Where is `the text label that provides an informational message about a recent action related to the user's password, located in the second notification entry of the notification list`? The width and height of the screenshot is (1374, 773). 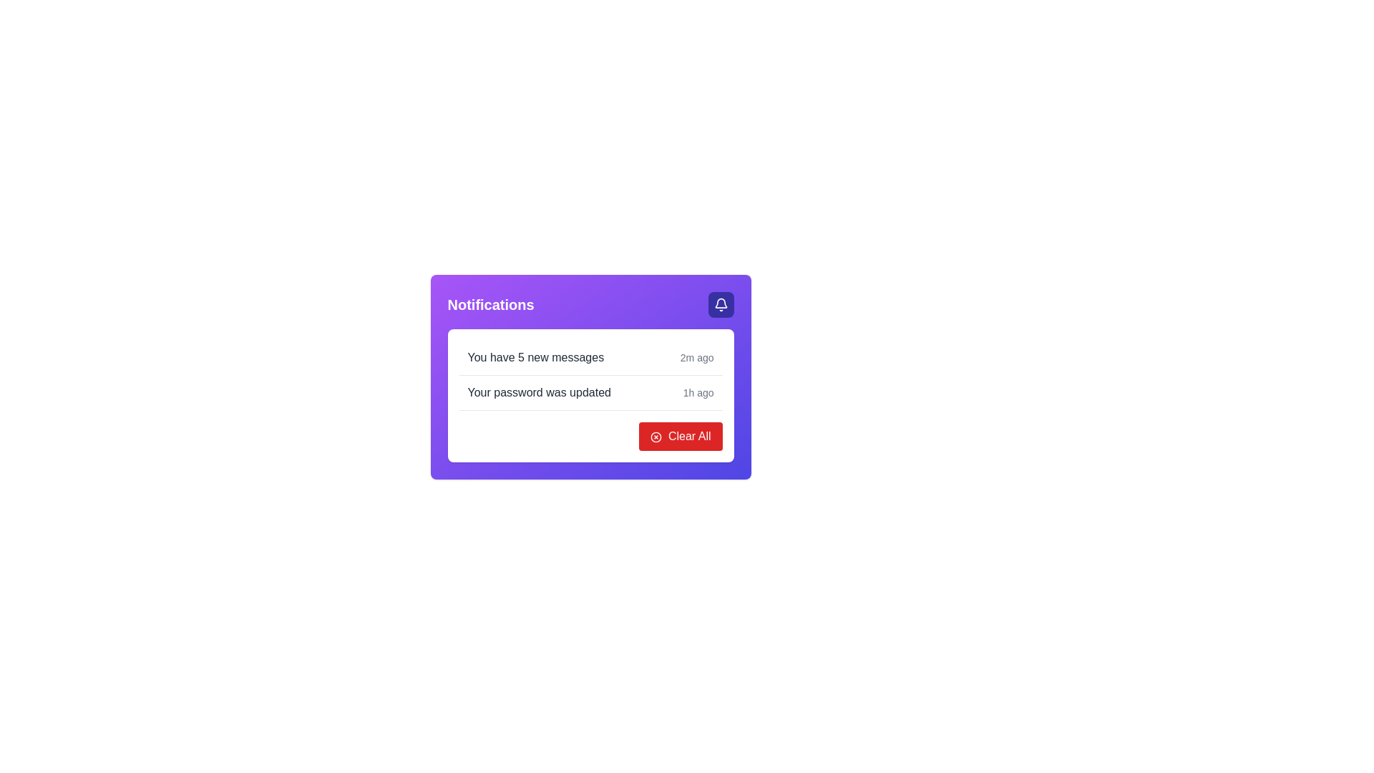 the text label that provides an informational message about a recent action related to the user's password, located in the second notification entry of the notification list is located at coordinates (538, 392).